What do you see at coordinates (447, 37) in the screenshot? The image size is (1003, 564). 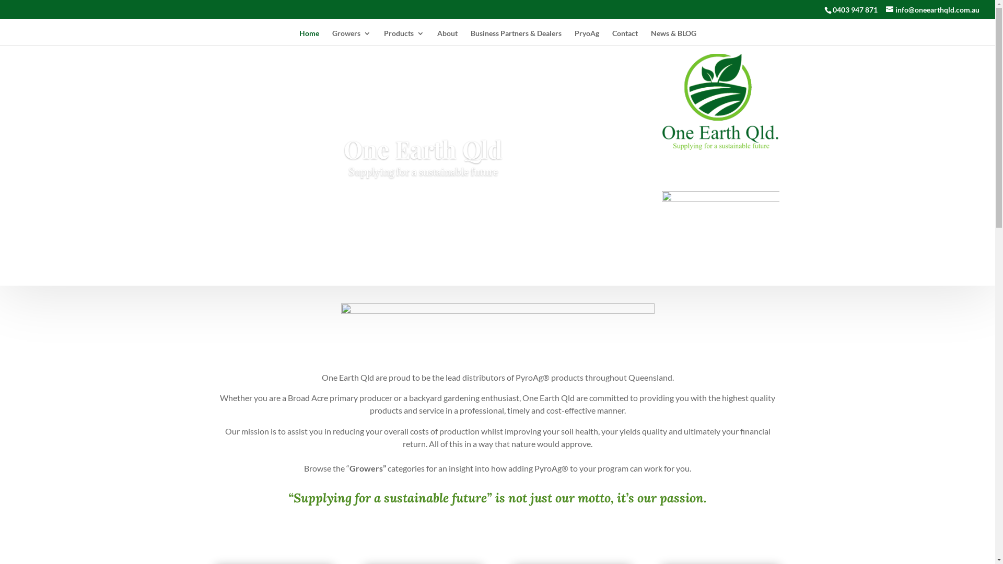 I see `'About'` at bounding box center [447, 37].